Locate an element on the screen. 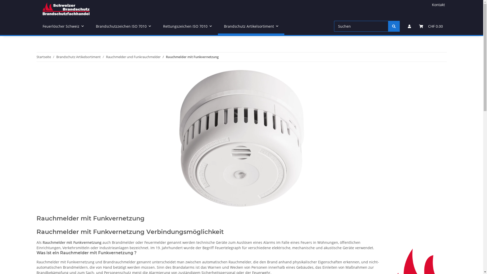 The width and height of the screenshot is (487, 274). 'Brandschutzzeichen ISO 7010' is located at coordinates (123, 26).